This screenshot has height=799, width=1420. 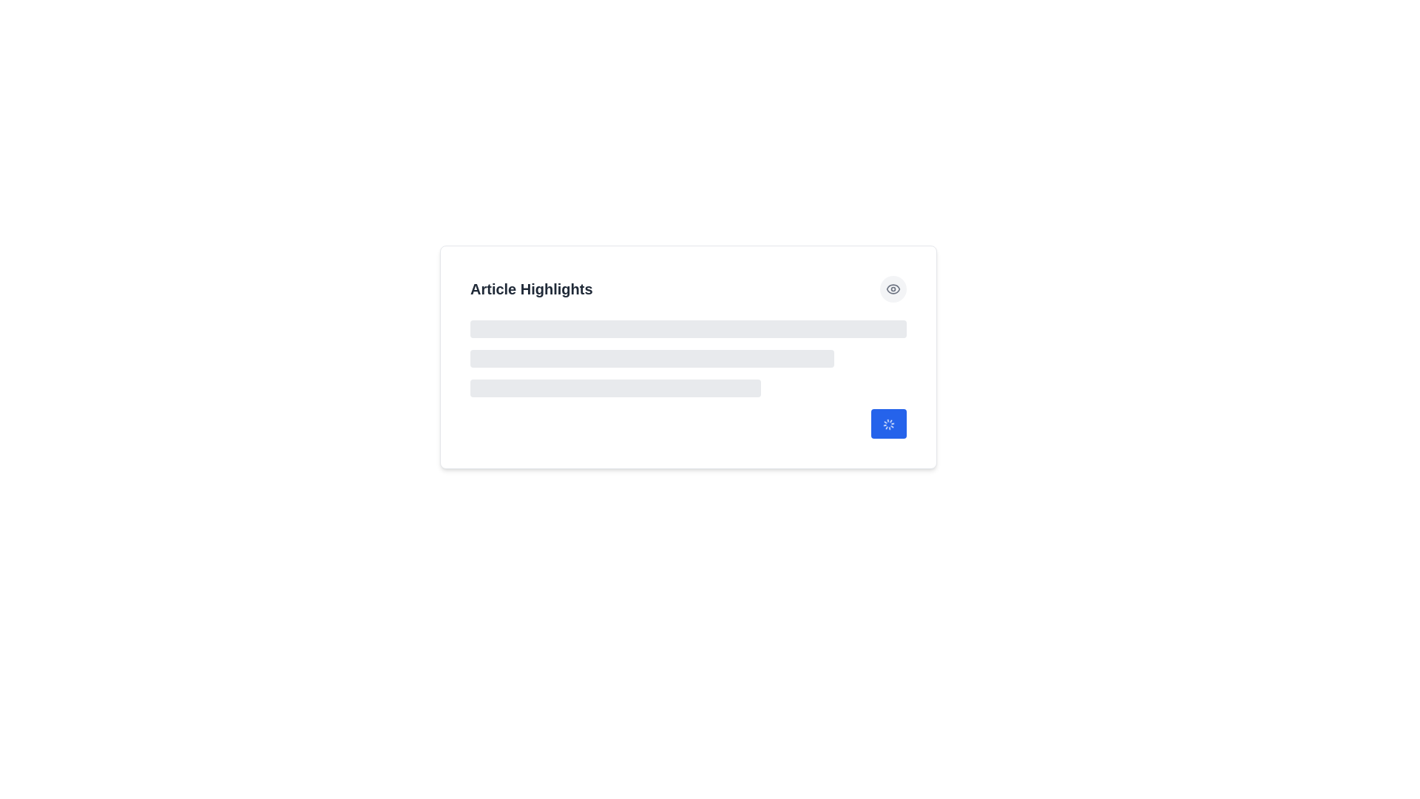 What do you see at coordinates (887, 424) in the screenshot?
I see `the Loader icon located at the bottom-right corner of the 'Article Highlights' section, which indicates that a process is in progress` at bounding box center [887, 424].